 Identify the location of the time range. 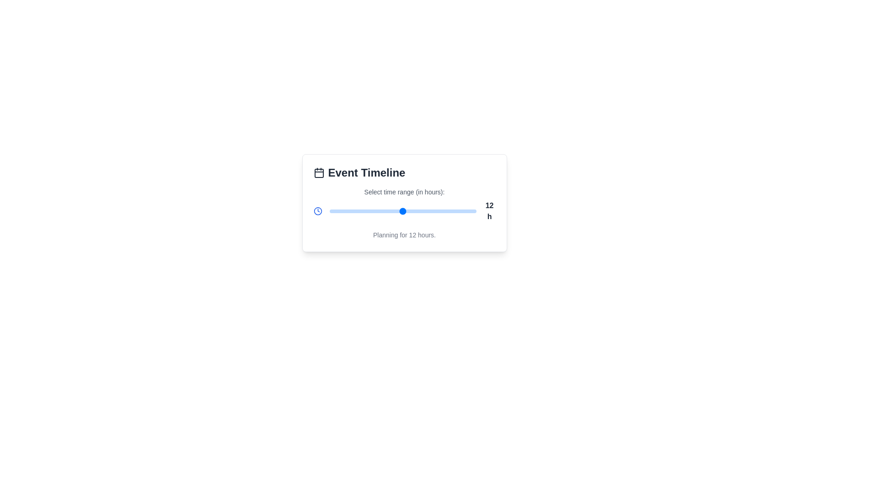
(329, 211).